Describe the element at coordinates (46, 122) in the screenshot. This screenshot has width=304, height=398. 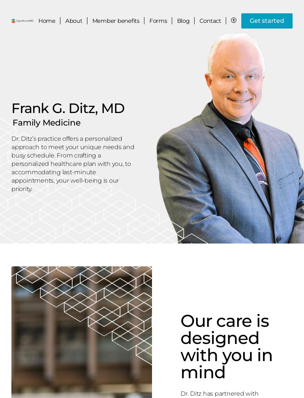
I see `'Family Medicine'` at that location.